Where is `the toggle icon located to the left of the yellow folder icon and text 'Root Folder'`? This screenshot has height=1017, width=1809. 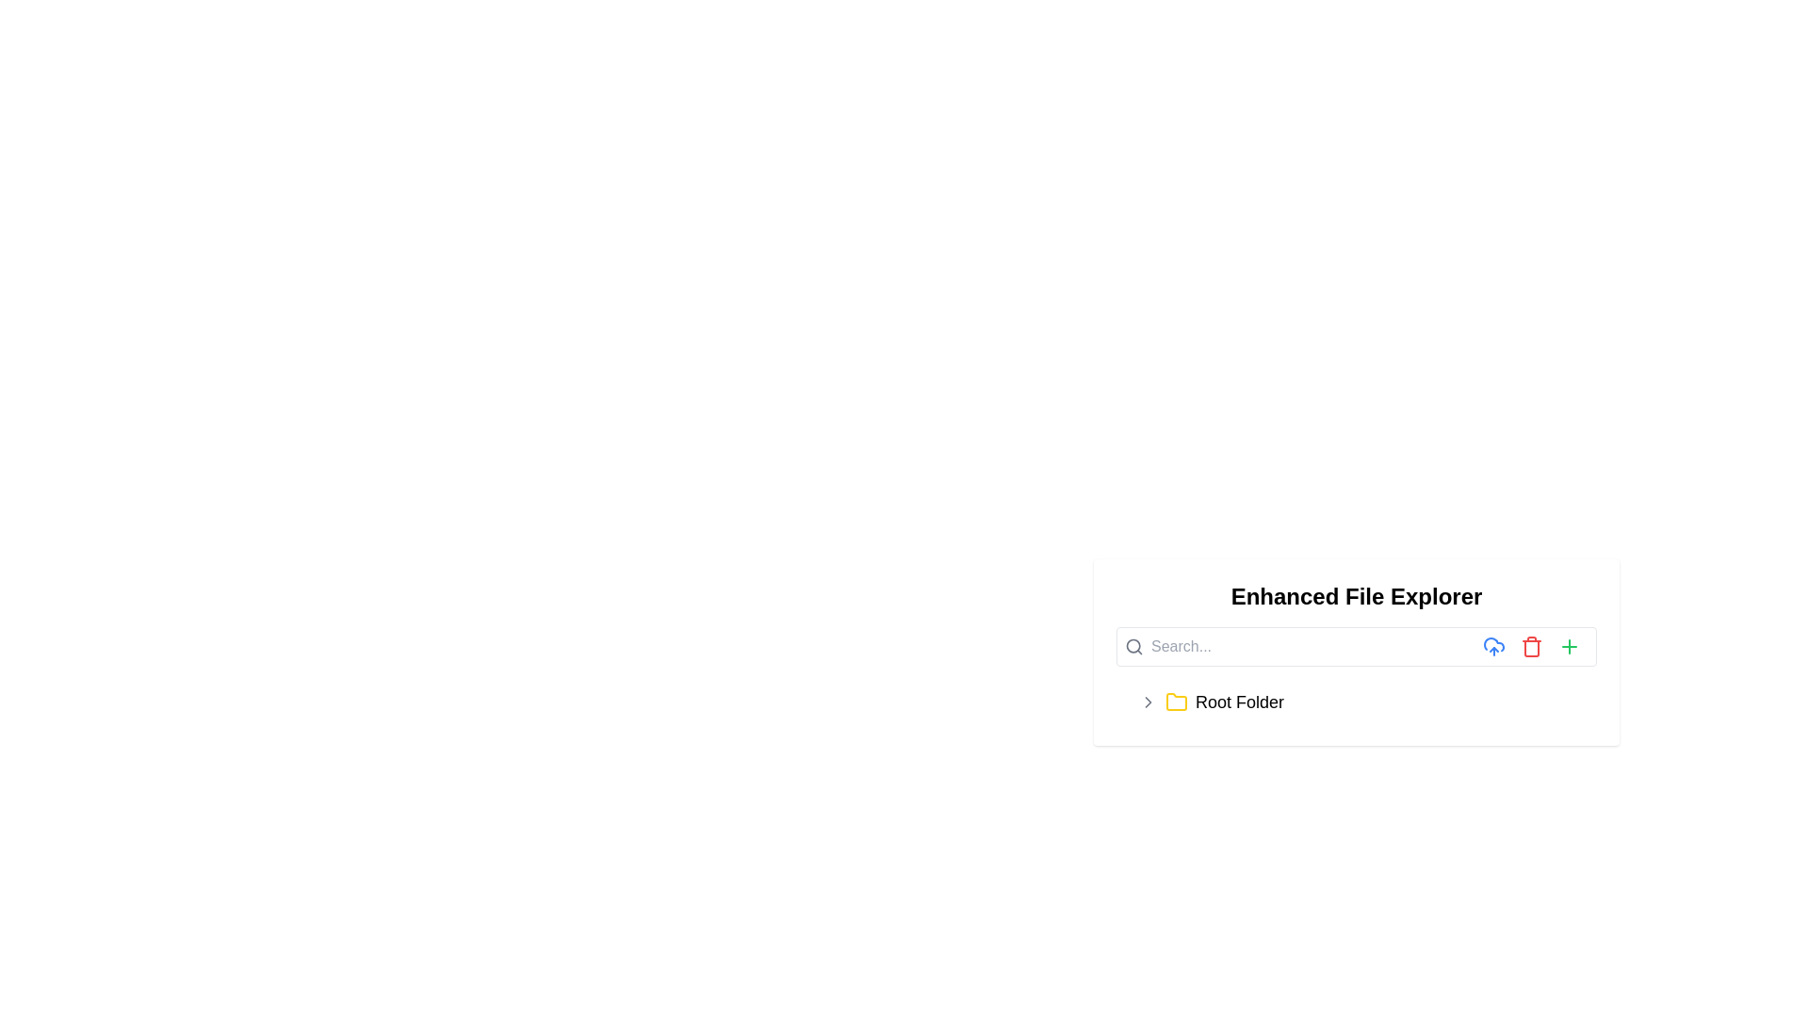
the toggle icon located to the left of the yellow folder icon and text 'Root Folder' is located at coordinates (1148, 702).